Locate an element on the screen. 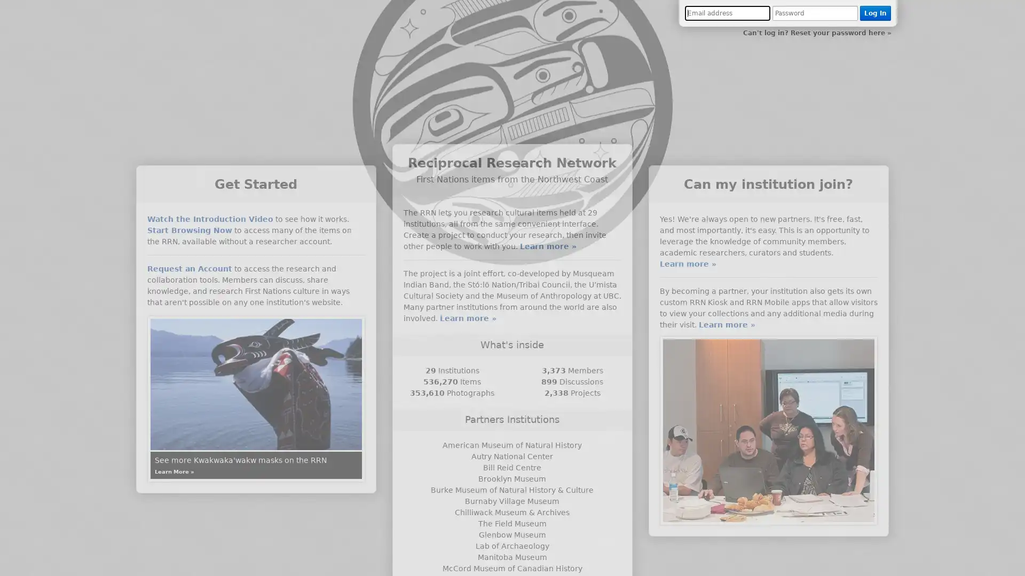  Log In is located at coordinates (876, 13).